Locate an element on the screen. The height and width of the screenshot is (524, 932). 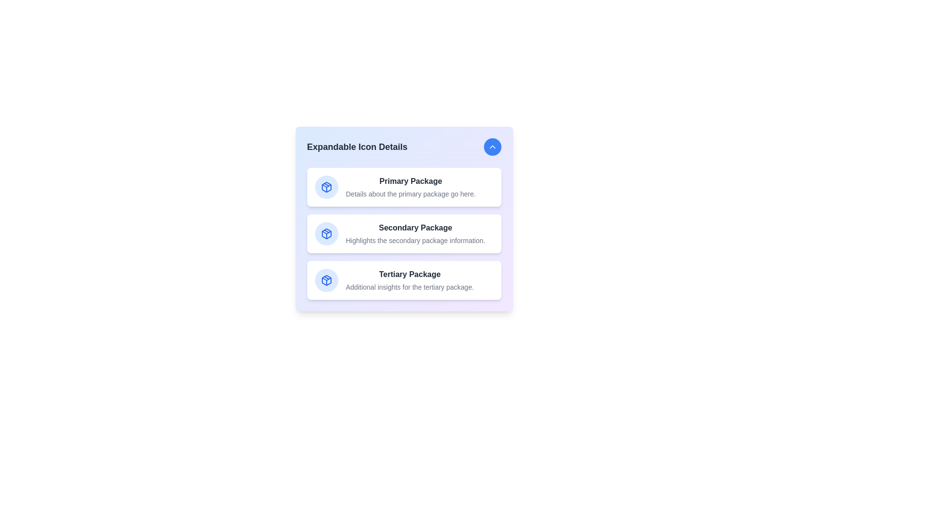
the circular blue icon with a cube outline that is adjacent to the text labeled 'Primary Package' in the top-left corner of the first item in a vertical list is located at coordinates (326, 187).